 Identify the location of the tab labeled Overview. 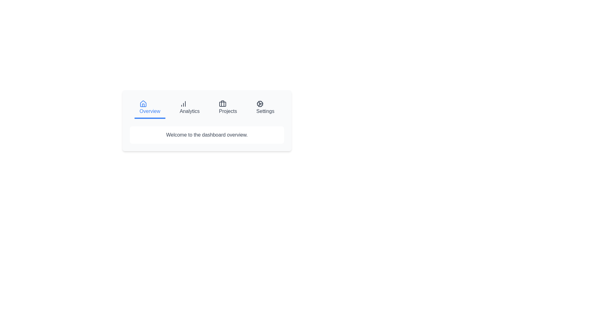
(149, 108).